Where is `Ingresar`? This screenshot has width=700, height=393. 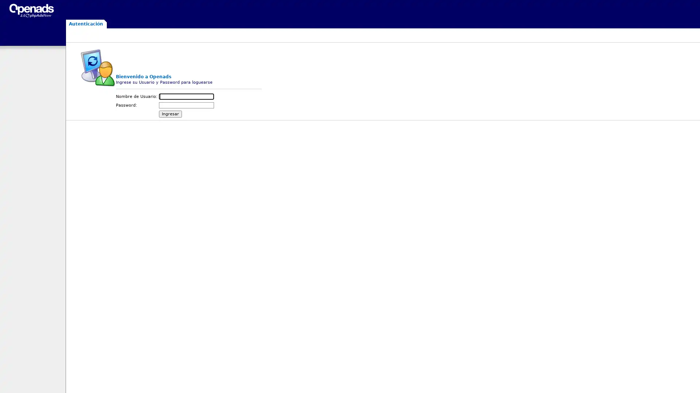 Ingresar is located at coordinates (170, 114).